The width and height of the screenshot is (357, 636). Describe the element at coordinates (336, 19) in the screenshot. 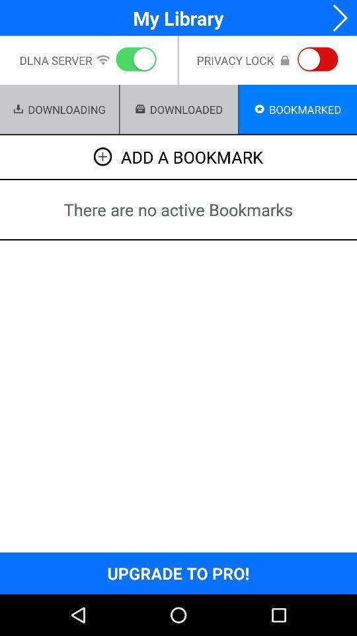

I see `the arrow_forward icon` at that location.